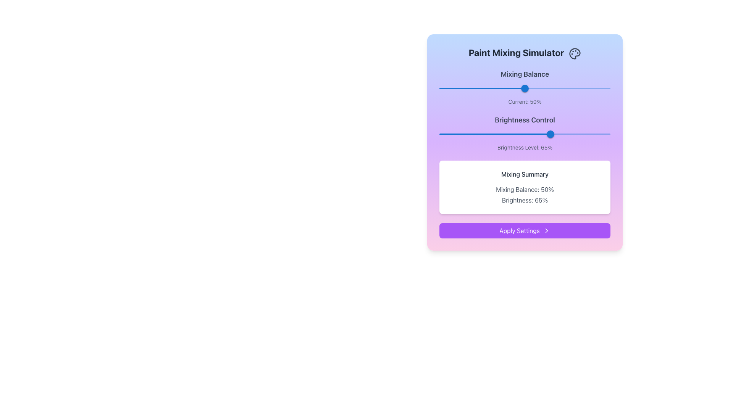 The width and height of the screenshot is (733, 412). What do you see at coordinates (545, 134) in the screenshot?
I see `the Brightness Control slider` at bounding box center [545, 134].